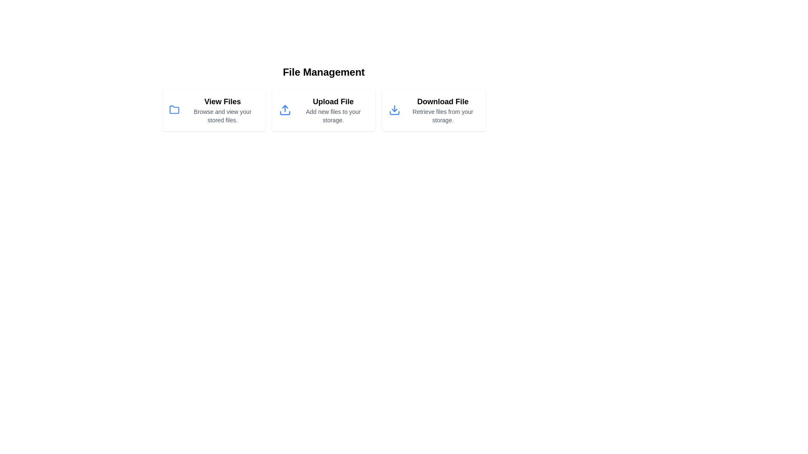 This screenshot has width=808, height=454. What do you see at coordinates (285, 110) in the screenshot?
I see `the SVG upload icon, which features an upward-pointing arrow in blue, located on the central card of the 'File Management' section, above the 'Upload FileAdd new files to your storage.' text` at bounding box center [285, 110].